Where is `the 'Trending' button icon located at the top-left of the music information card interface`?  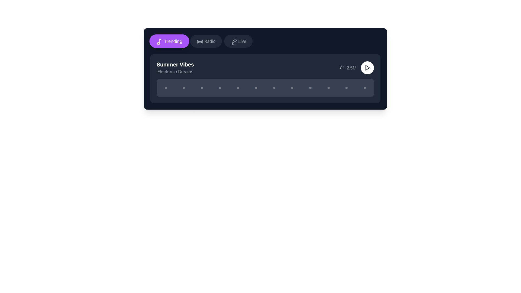 the 'Trending' button icon located at the top-left of the music information card interface is located at coordinates (159, 42).